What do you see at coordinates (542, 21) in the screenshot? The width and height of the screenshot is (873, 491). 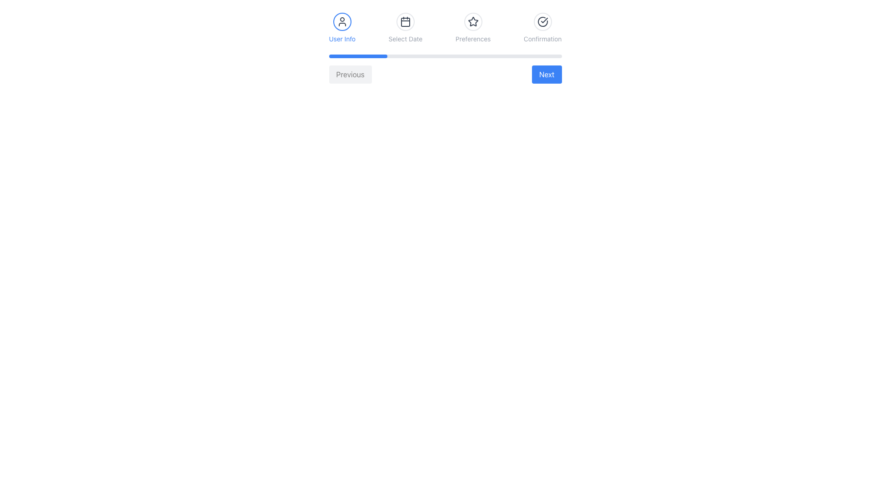 I see `the circular checkmark icon with a light gray border located at the far right of the step header labeled 'Confirmation'` at bounding box center [542, 21].